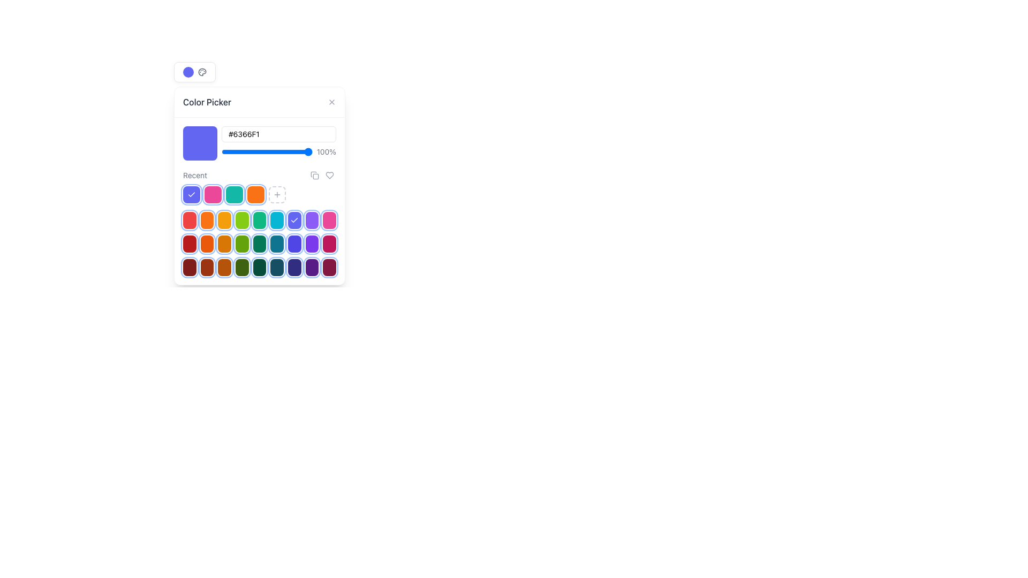  I want to click on the small square button with rounded corners and an orange background, which is the third button in the second row of the color-selecting grid in the color picker interface, so click(224, 220).